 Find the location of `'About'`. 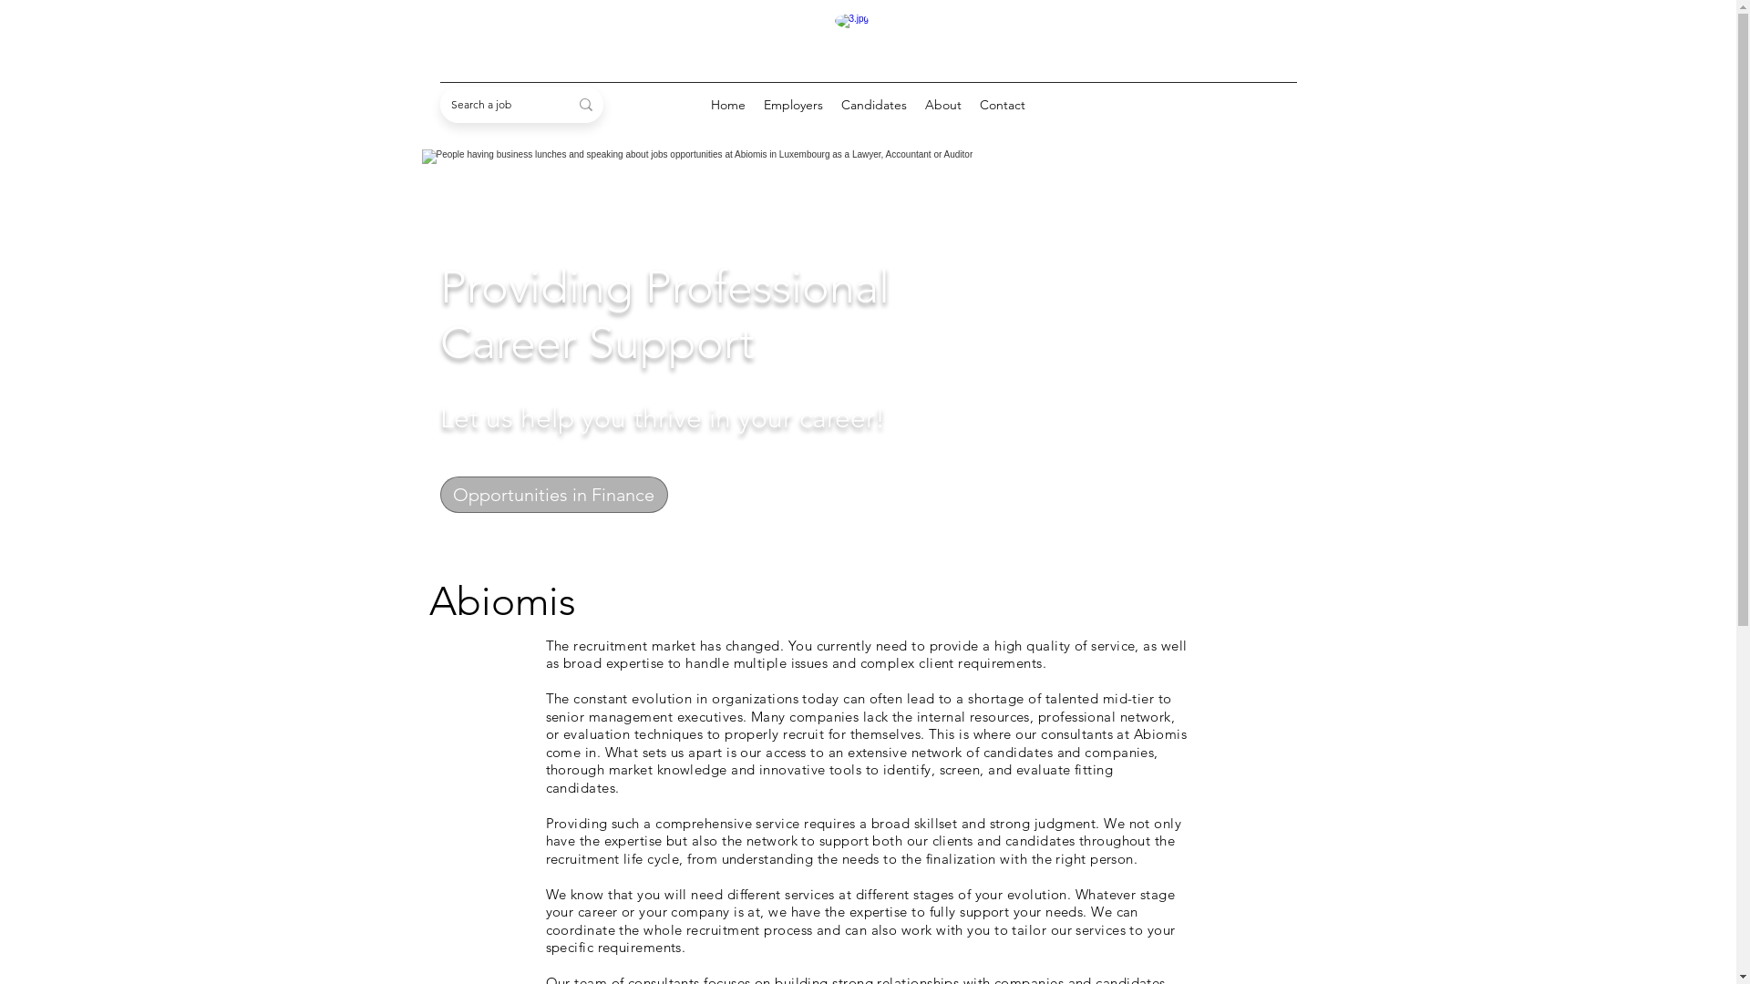

'About' is located at coordinates (943, 105).